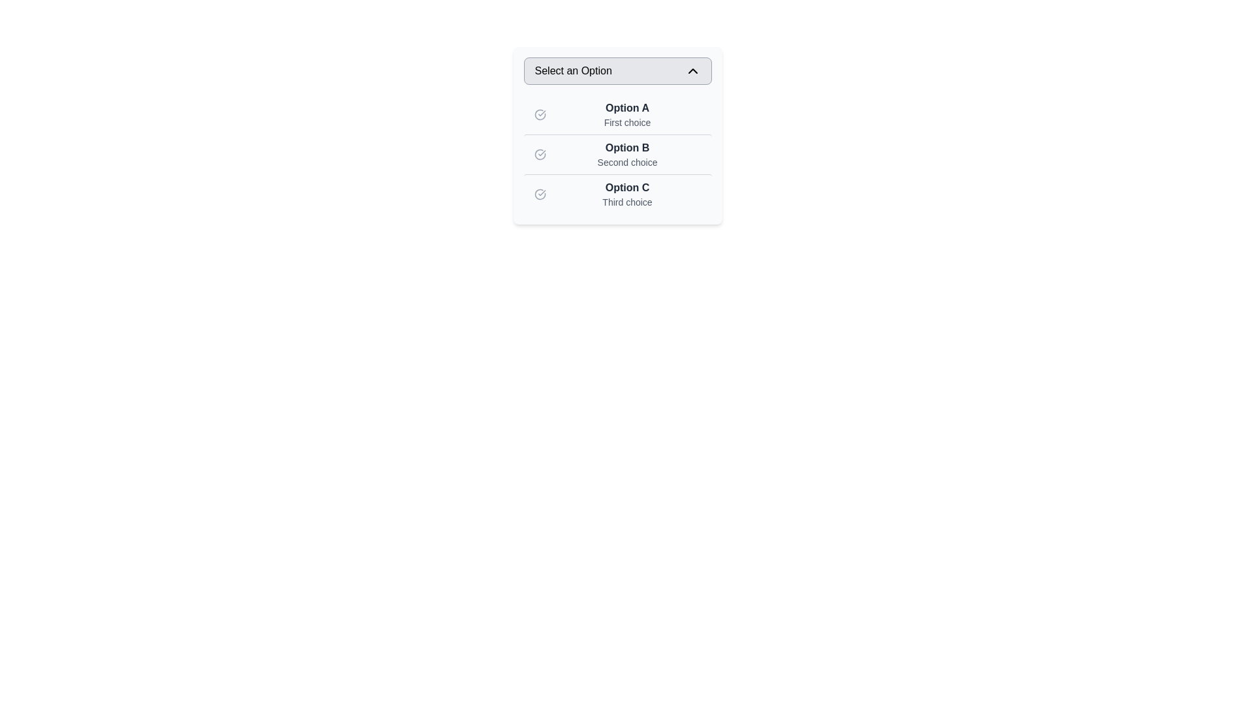 The height and width of the screenshot is (705, 1253). What do you see at coordinates (627, 162) in the screenshot?
I see `text label that provides a description for 'Option B', positioned beneath the bold text and centrally aligned in the dropdown menu` at bounding box center [627, 162].